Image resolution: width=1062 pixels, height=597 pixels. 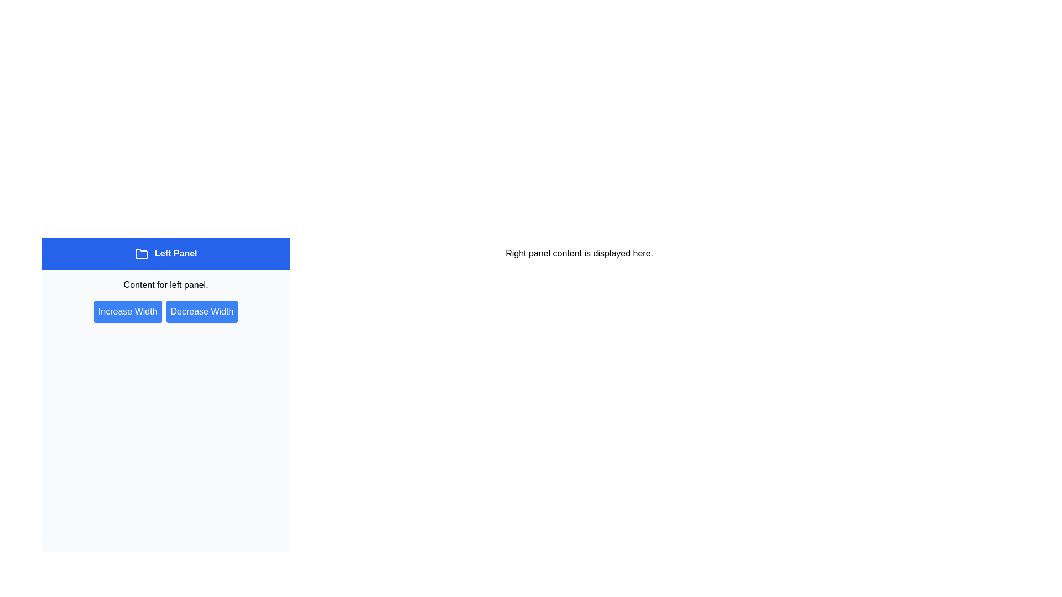 What do you see at coordinates (202, 311) in the screenshot?
I see `the 'Decrease Width' button located in the bottom section of the left panel` at bounding box center [202, 311].